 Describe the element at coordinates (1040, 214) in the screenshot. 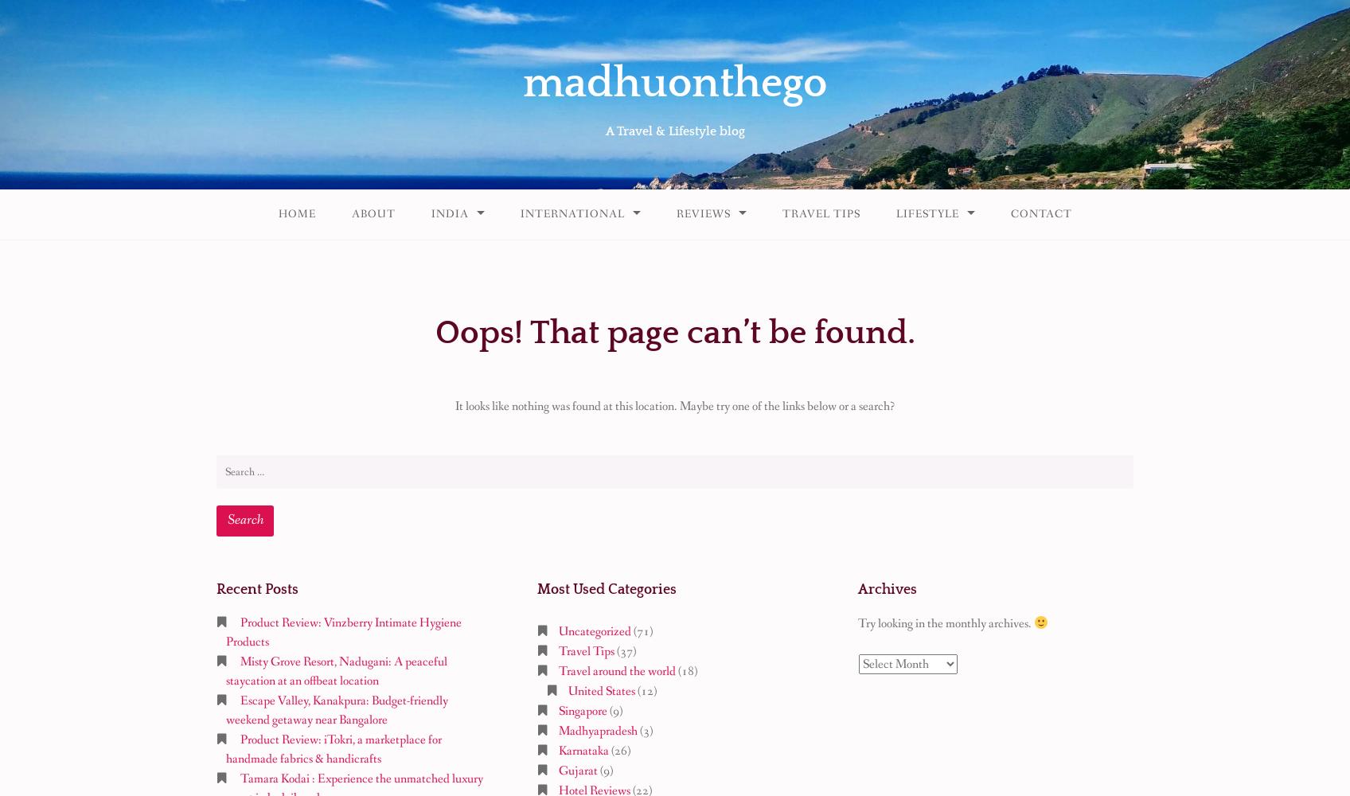

I see `'Contact'` at that location.